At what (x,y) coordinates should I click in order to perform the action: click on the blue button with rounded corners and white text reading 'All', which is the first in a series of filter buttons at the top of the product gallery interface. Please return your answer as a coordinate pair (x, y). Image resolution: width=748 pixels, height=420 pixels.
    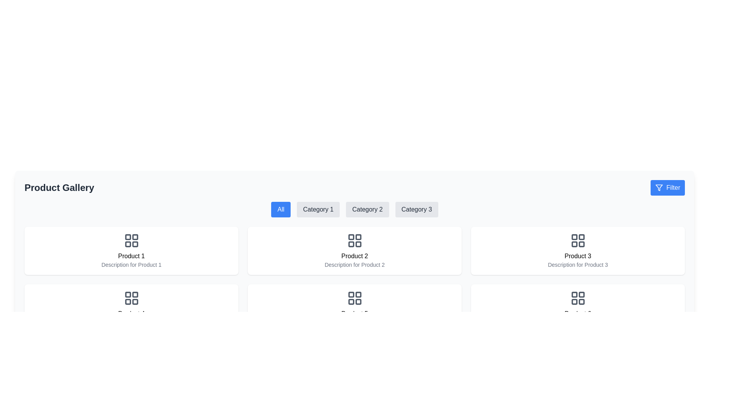
    Looking at the image, I should click on (280, 209).